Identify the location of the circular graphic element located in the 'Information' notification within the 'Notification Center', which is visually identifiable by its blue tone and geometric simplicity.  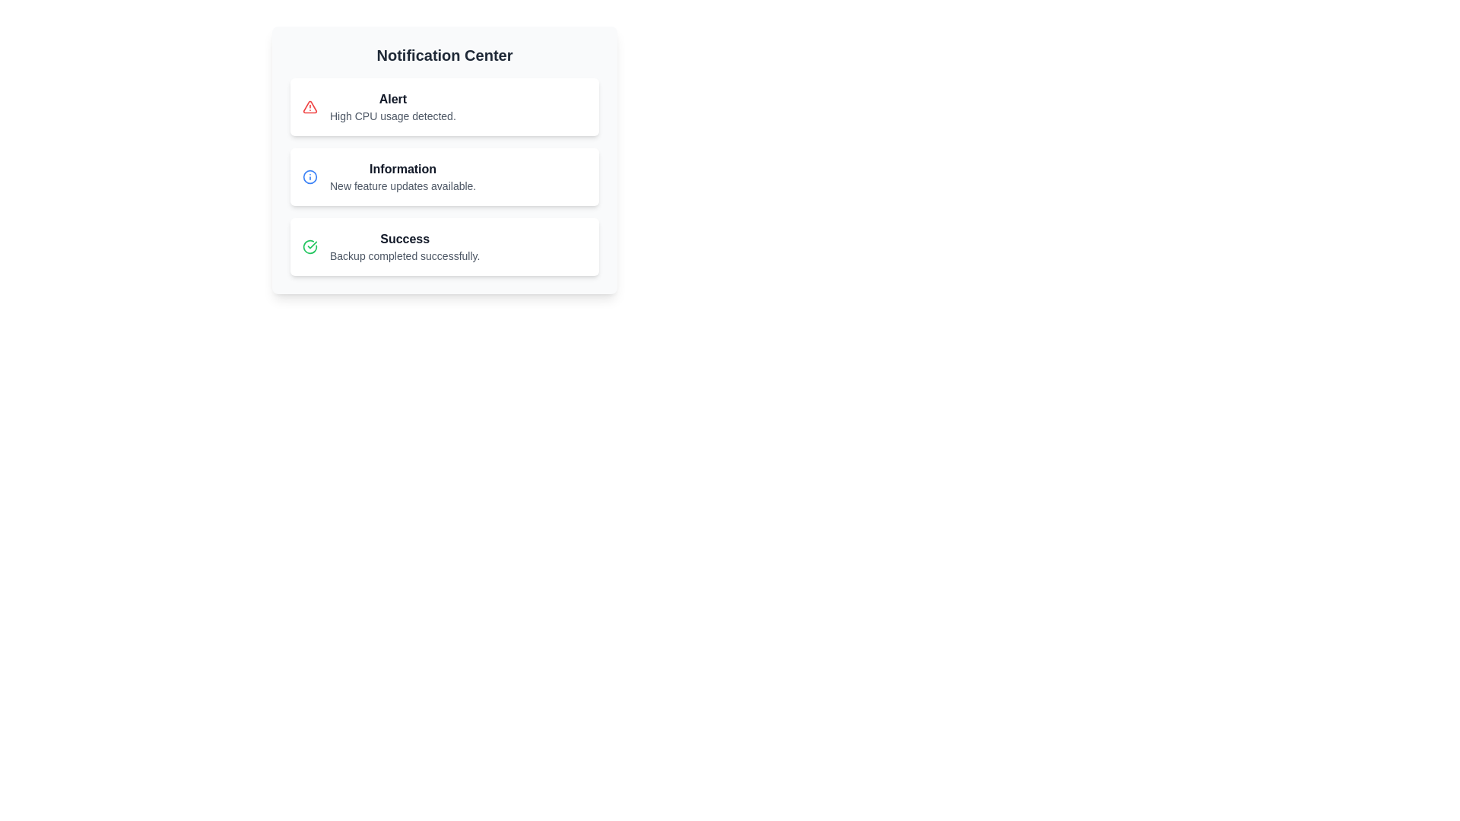
(309, 176).